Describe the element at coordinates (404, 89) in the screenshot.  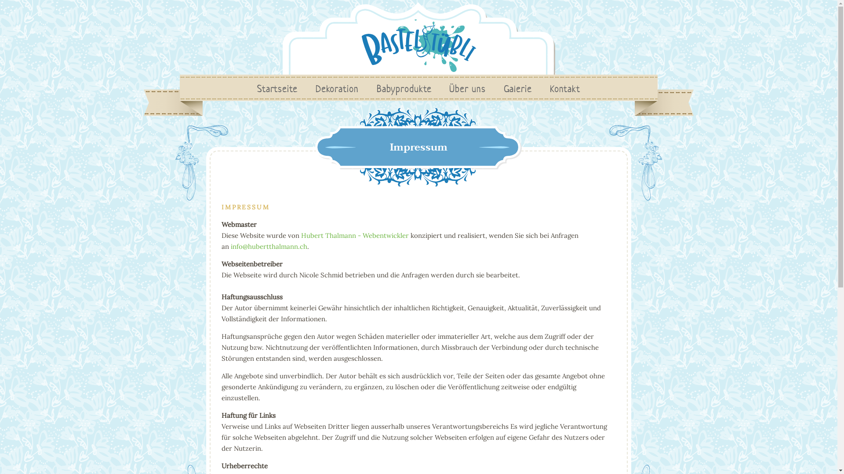
I see `'Babyprodukte'` at that location.